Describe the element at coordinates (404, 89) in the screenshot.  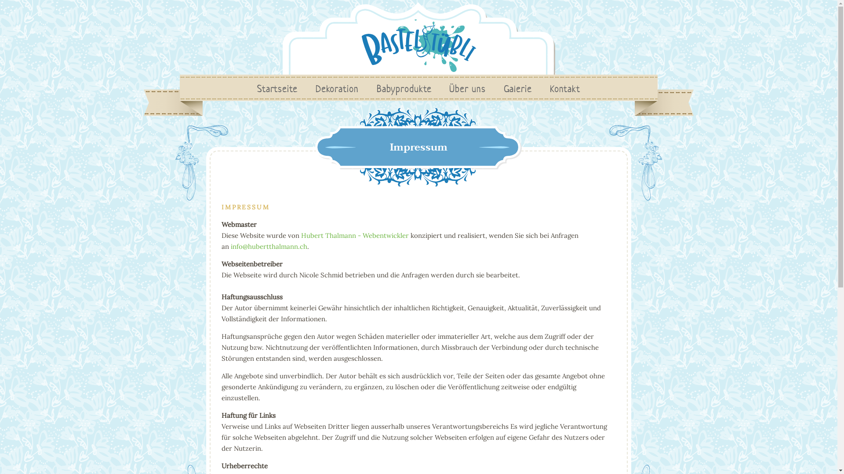
I see `'Babyprodukte'` at that location.